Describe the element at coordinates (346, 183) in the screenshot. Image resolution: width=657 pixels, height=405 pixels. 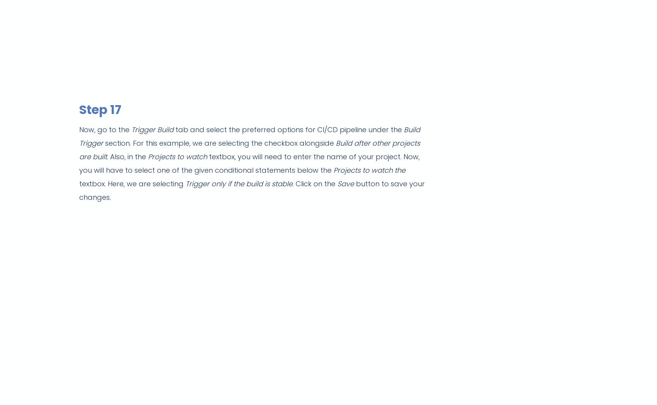
I see `'Save'` at that location.